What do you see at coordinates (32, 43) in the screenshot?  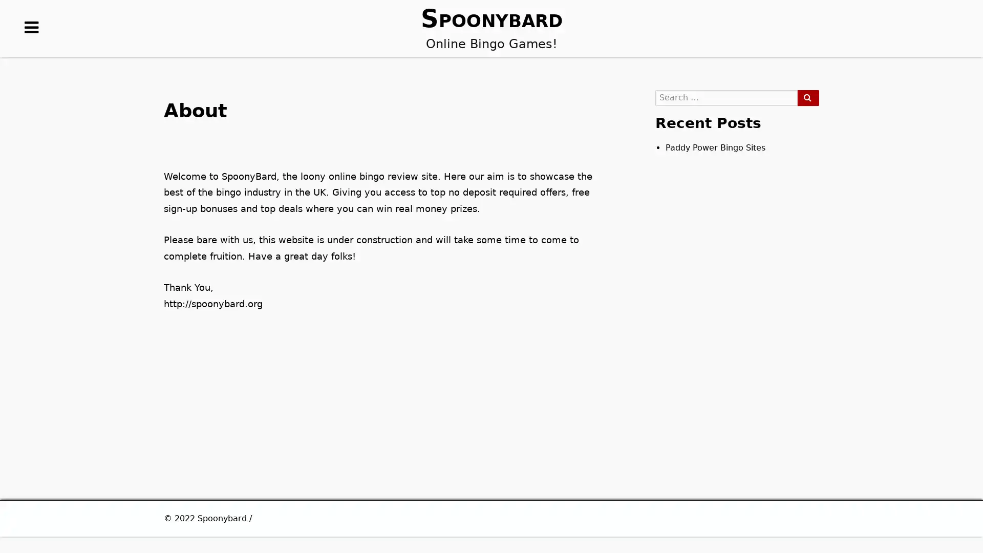 I see `MENUS` at bounding box center [32, 43].